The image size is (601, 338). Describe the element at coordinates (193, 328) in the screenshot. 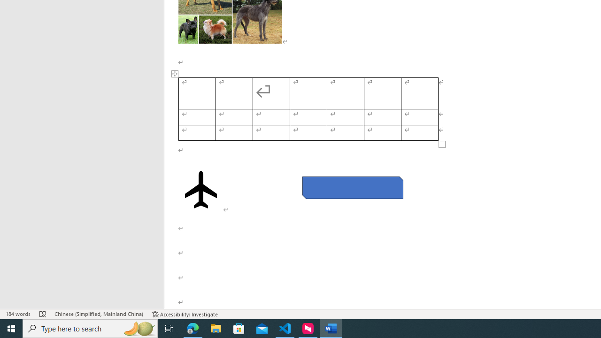

I see `'Microsoft Edge - 1 running window'` at that location.